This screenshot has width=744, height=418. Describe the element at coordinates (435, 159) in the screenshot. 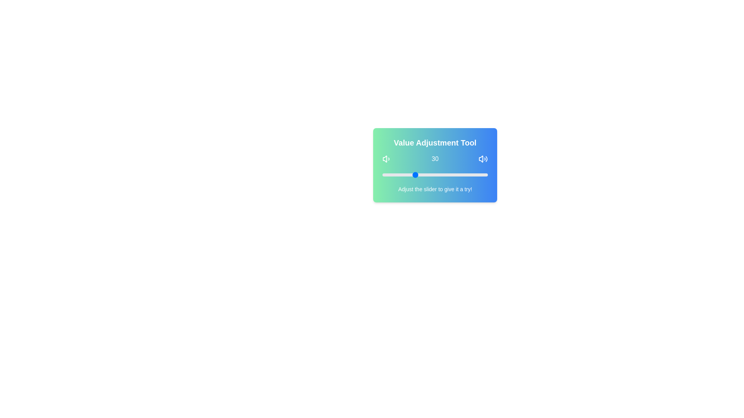

I see `the numeric label displaying '30' in white color, which is centered above a slider control in the user interface` at that location.